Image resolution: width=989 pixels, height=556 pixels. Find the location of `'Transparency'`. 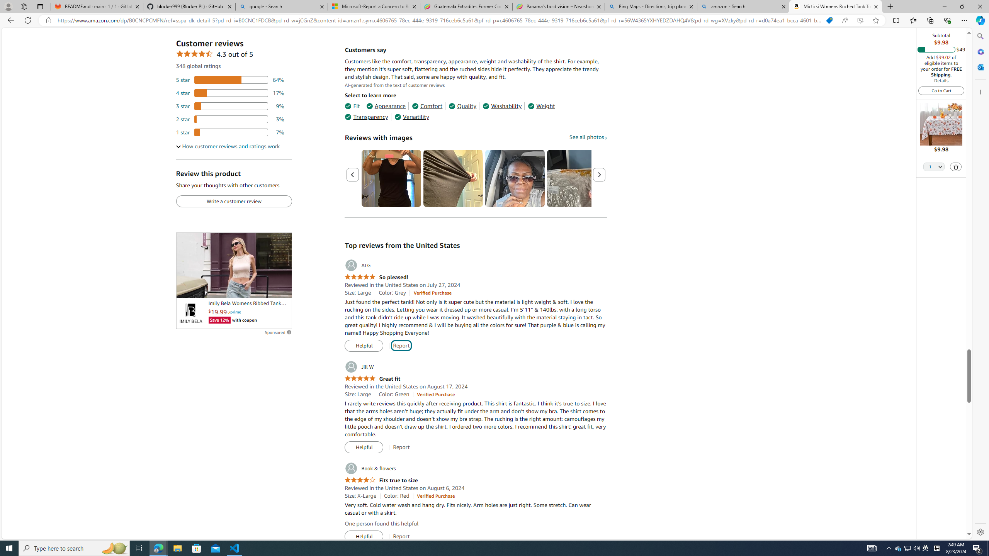

'Transparency' is located at coordinates (366, 117).